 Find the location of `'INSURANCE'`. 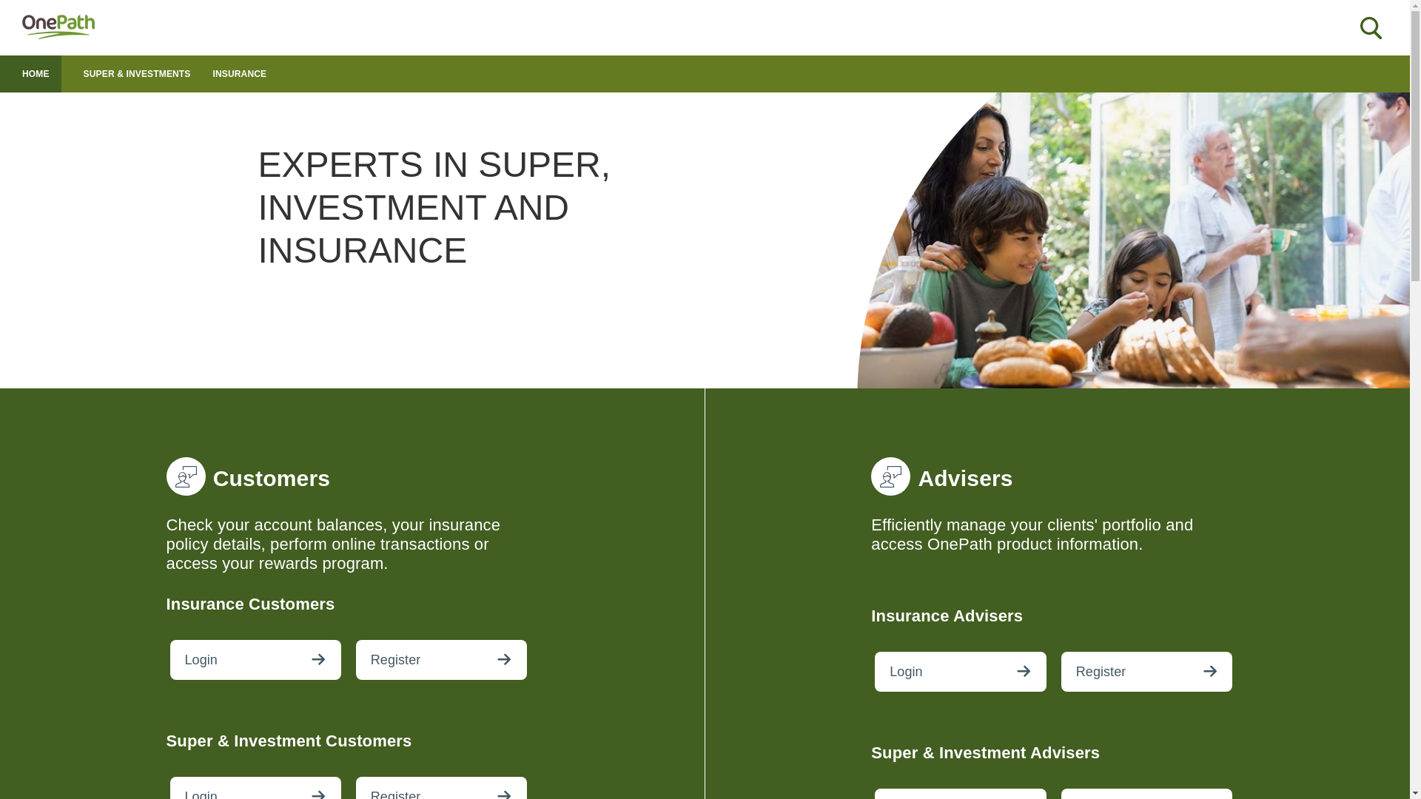

'INSURANCE' is located at coordinates (212, 74).